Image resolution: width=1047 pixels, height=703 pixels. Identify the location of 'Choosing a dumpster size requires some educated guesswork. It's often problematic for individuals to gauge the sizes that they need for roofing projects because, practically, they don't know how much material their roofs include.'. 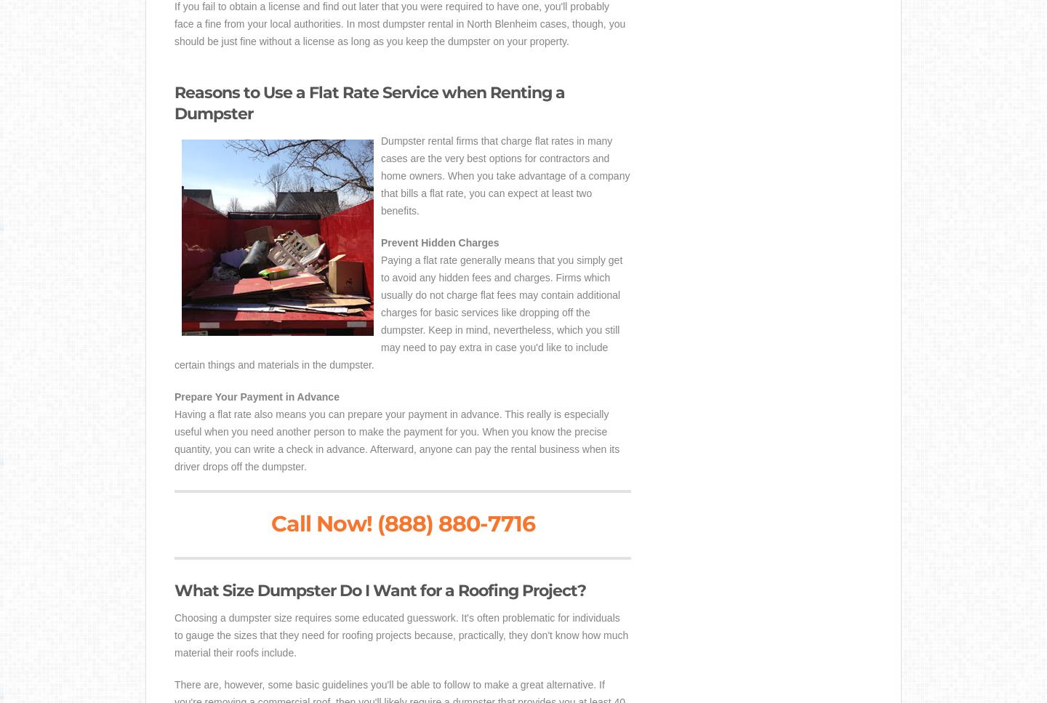
(174, 634).